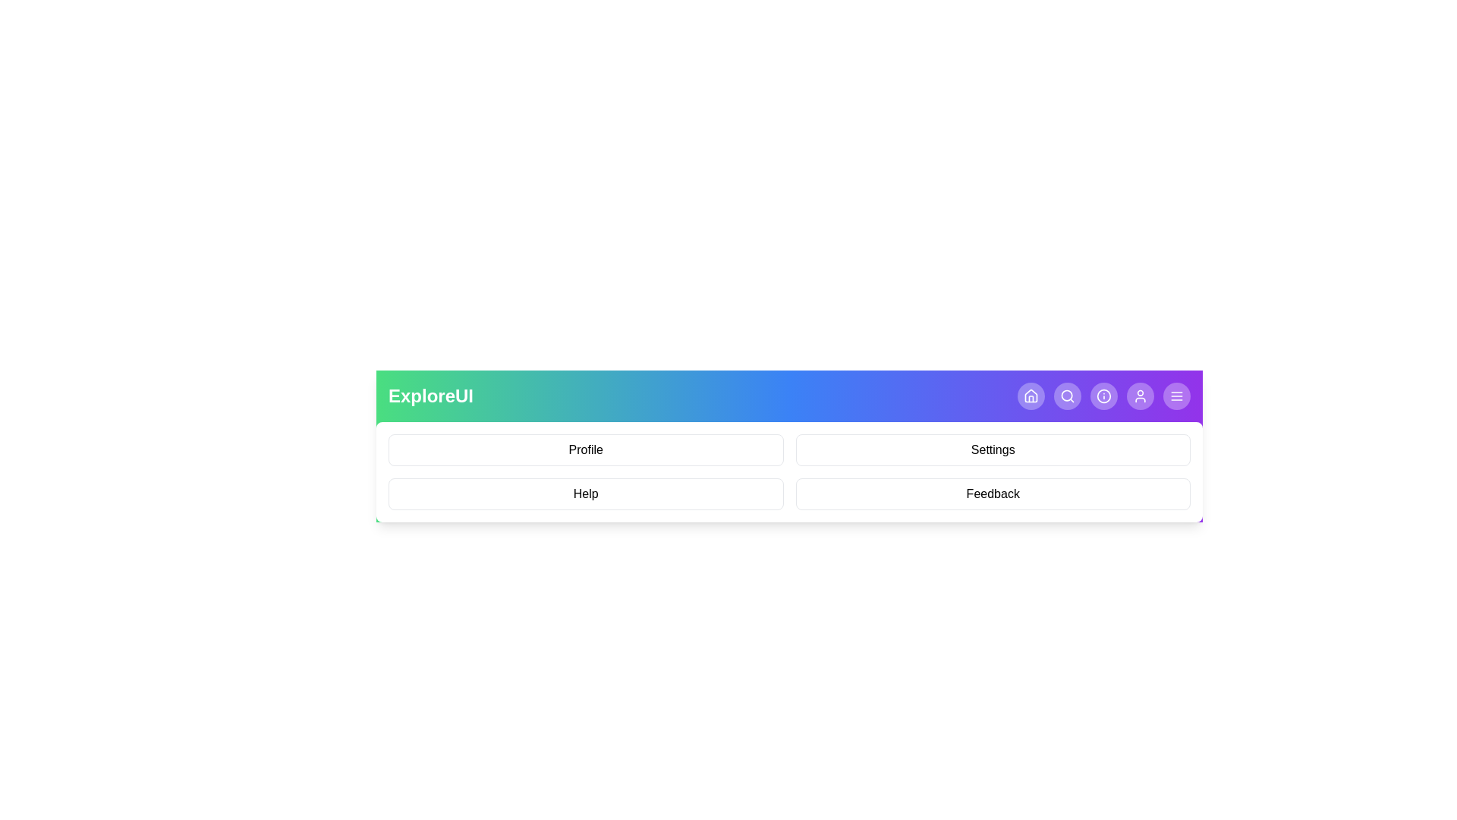 The image size is (1457, 820). I want to click on the menu button to toggle the menu visibility, so click(1175, 395).